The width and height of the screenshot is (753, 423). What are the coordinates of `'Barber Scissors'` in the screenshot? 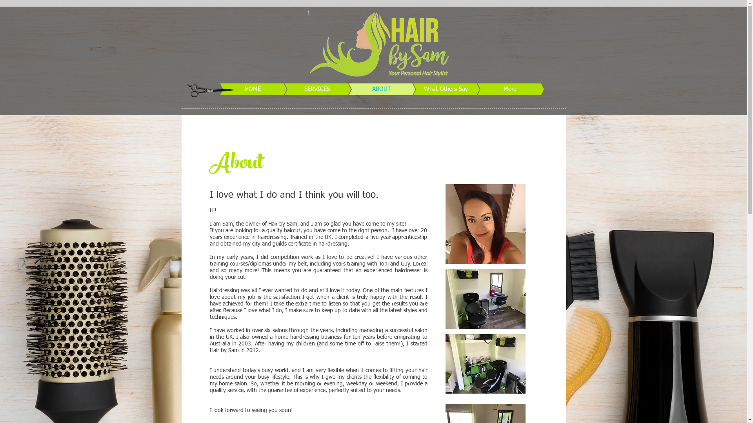 It's located at (210, 89).